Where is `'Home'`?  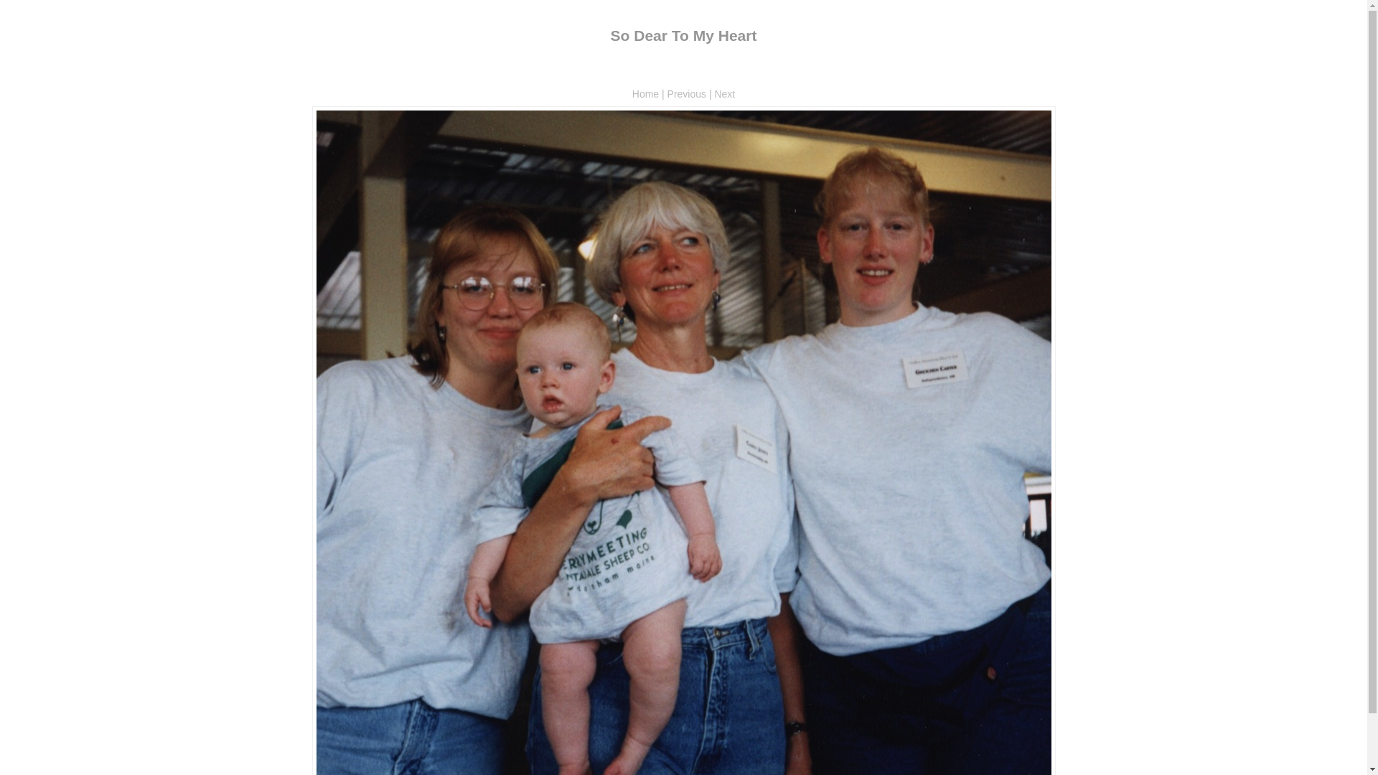
'Home' is located at coordinates (645, 94).